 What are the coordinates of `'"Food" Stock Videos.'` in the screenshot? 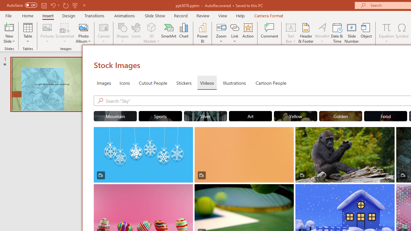 It's located at (385, 116).